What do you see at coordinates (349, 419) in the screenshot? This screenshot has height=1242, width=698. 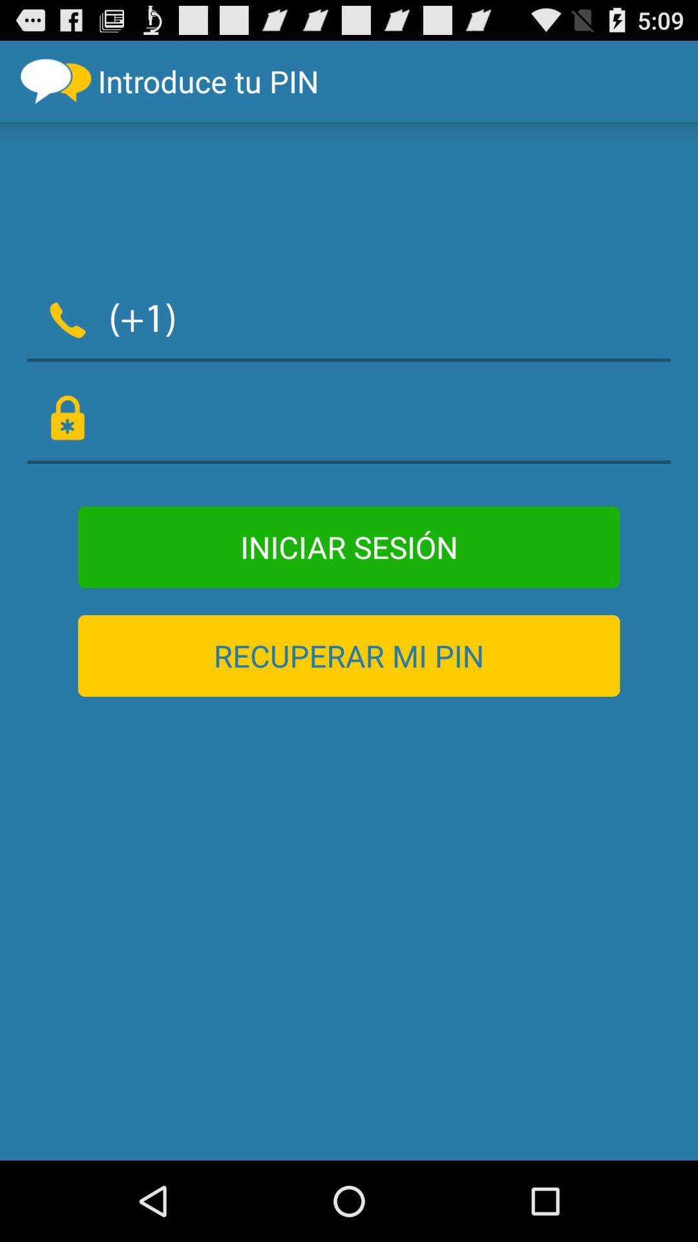 I see `secure password` at bounding box center [349, 419].